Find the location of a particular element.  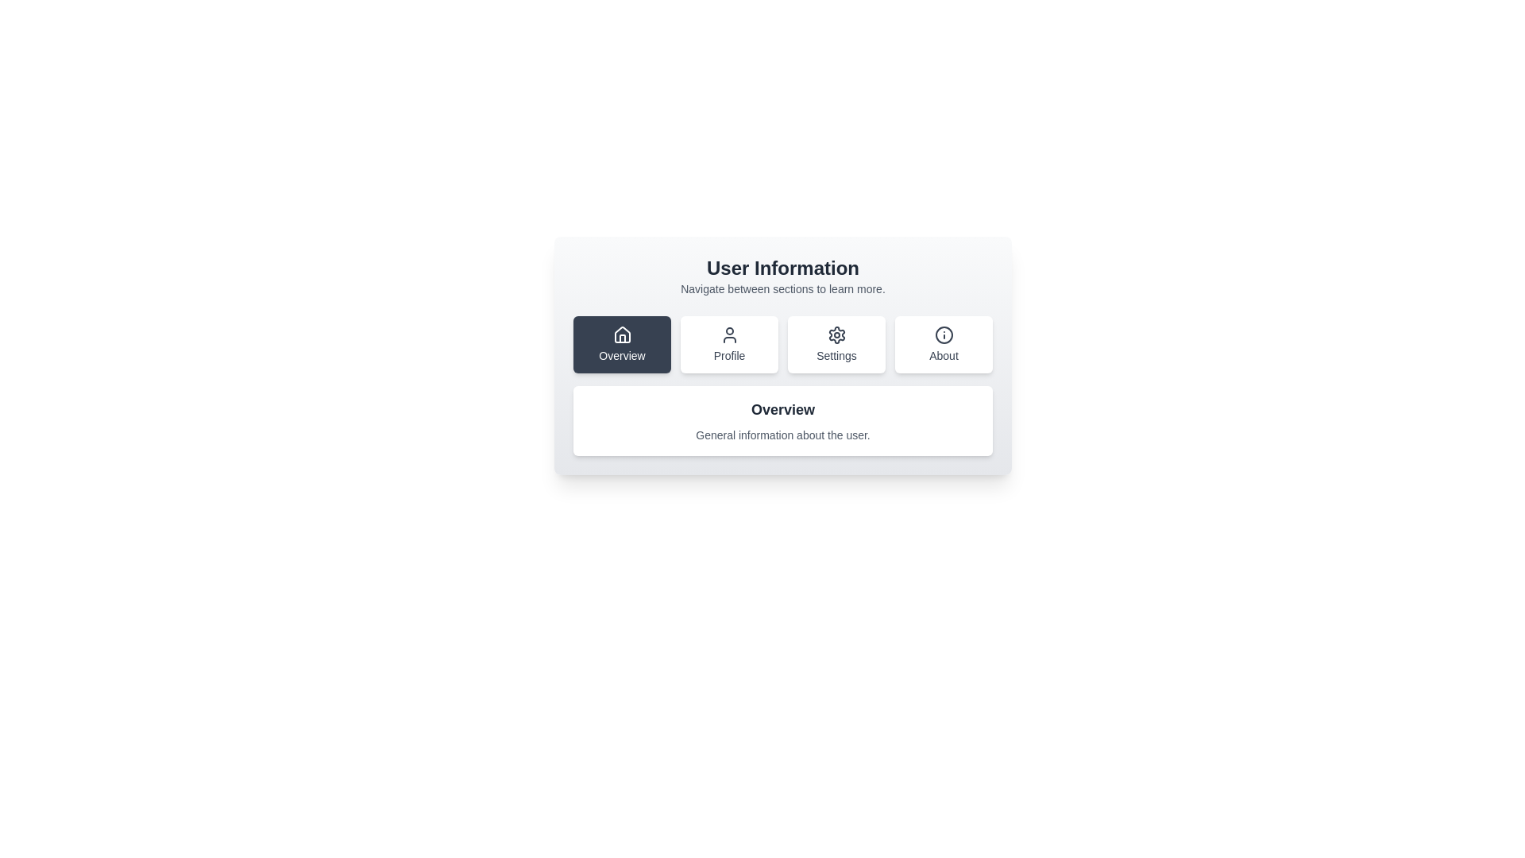

the descriptive Text label located below the 'Overview' text in the card layout is located at coordinates (782, 435).